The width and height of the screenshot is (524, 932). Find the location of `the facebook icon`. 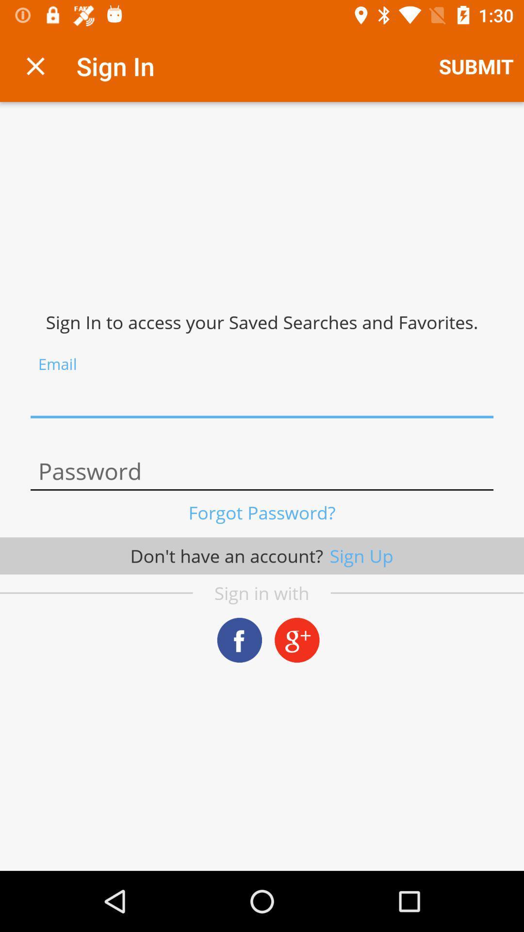

the facebook icon is located at coordinates (239, 640).